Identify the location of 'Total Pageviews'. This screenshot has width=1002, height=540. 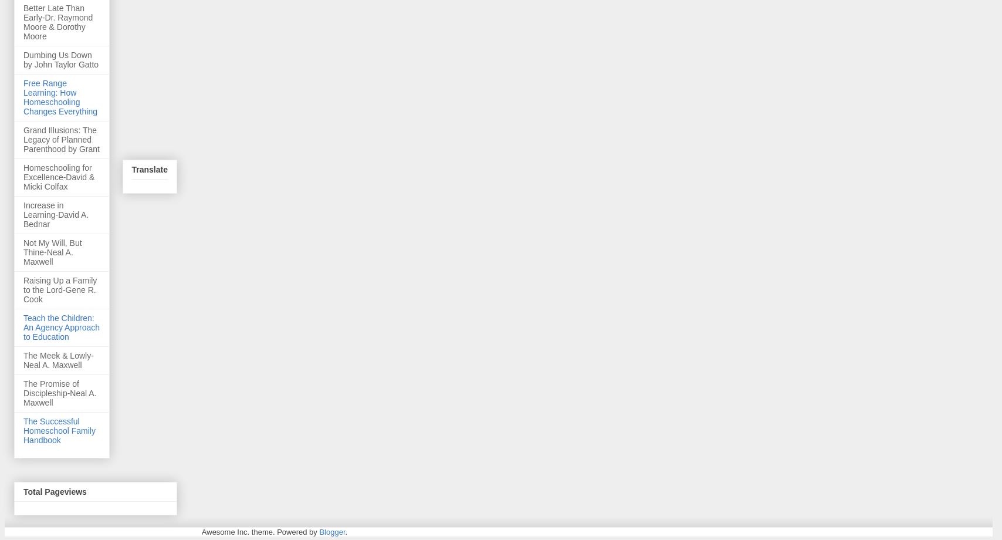
(55, 491).